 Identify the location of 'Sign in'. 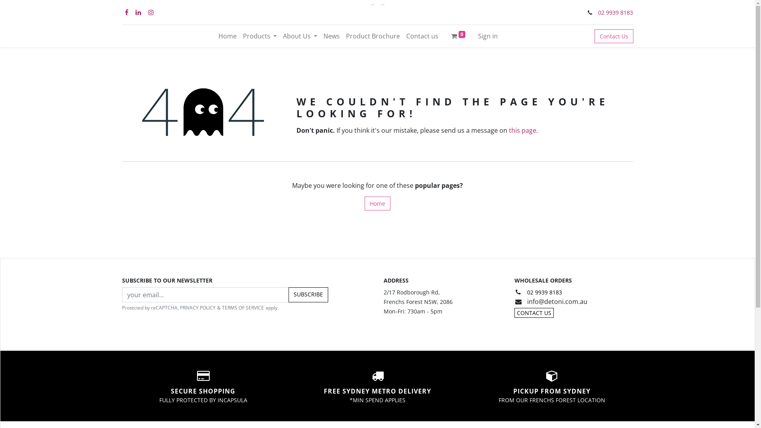
(487, 36).